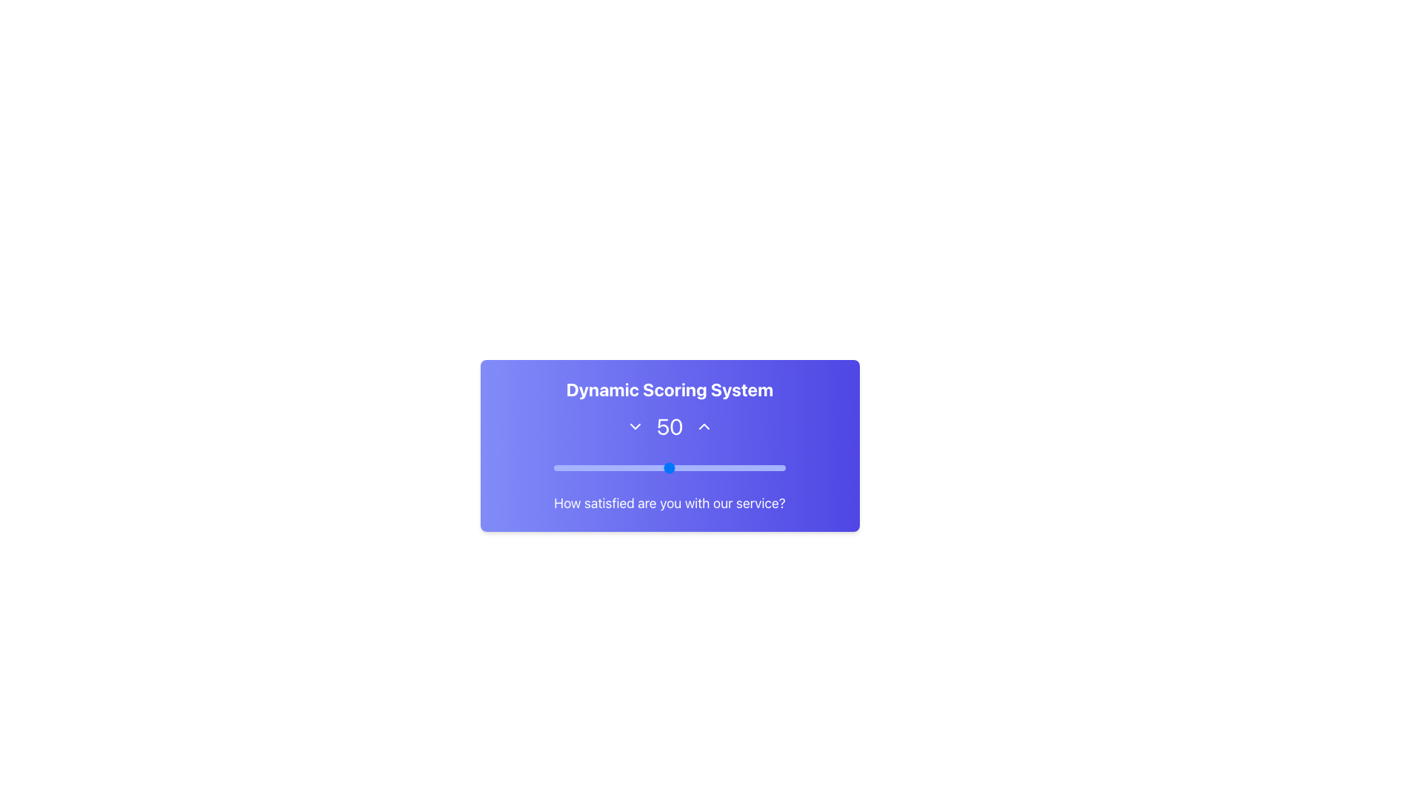 Image resolution: width=1422 pixels, height=800 pixels. Describe the element at coordinates (626, 464) in the screenshot. I see `the slider` at that location.